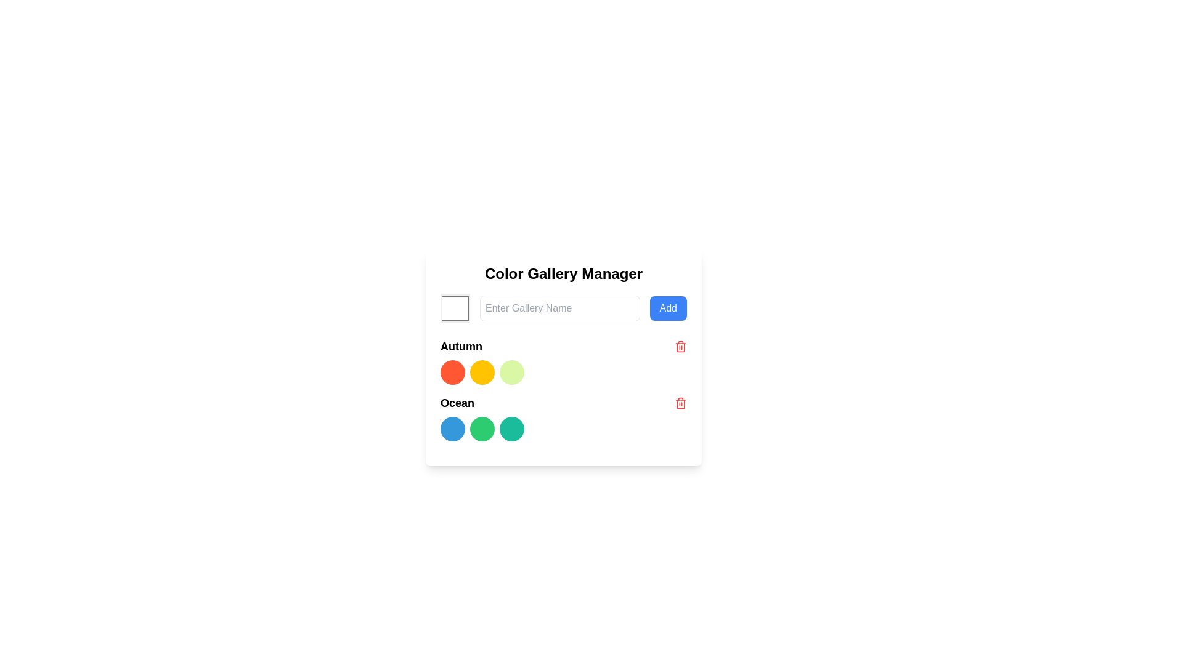 The width and height of the screenshot is (1183, 665). Describe the element at coordinates (460, 347) in the screenshot. I see `the bold text label displaying 'Autumn'` at that location.